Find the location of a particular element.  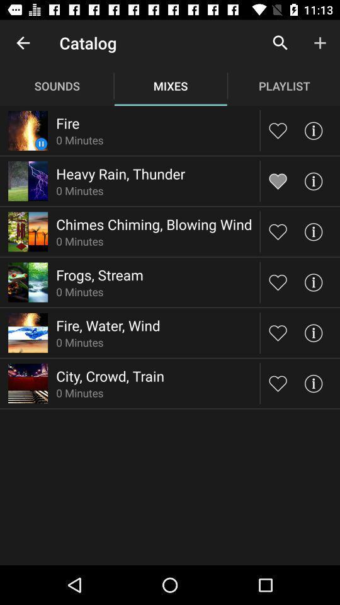

get more information is located at coordinates (312, 180).